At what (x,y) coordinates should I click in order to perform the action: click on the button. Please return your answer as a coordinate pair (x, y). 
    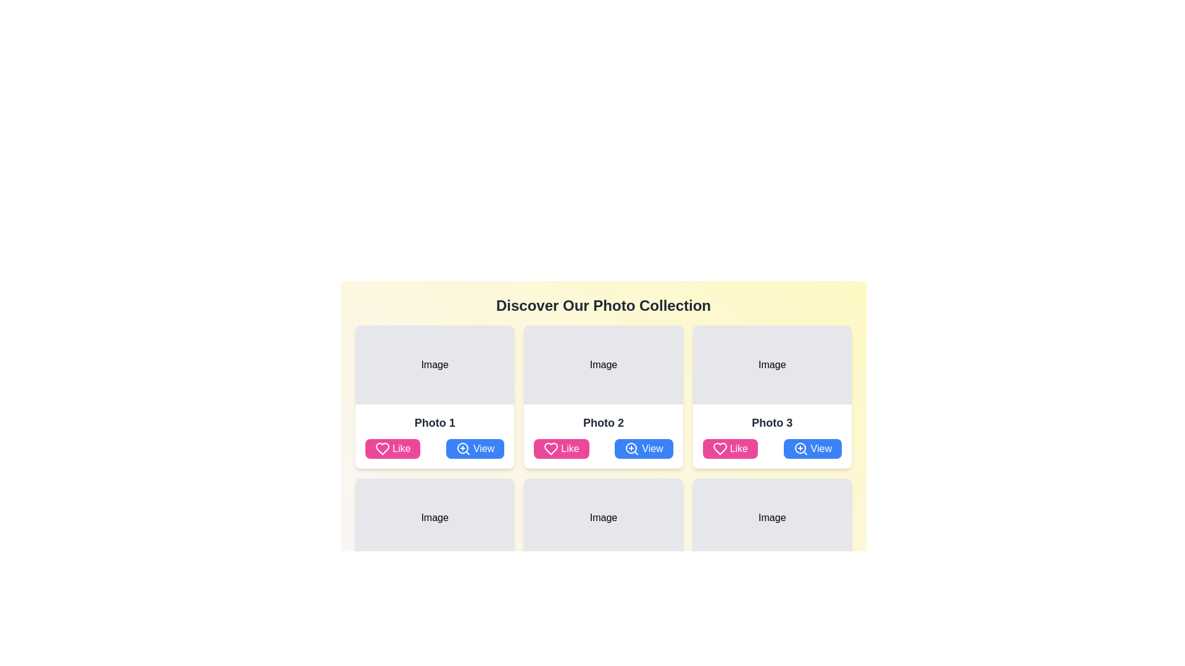
    Looking at the image, I should click on (812, 449).